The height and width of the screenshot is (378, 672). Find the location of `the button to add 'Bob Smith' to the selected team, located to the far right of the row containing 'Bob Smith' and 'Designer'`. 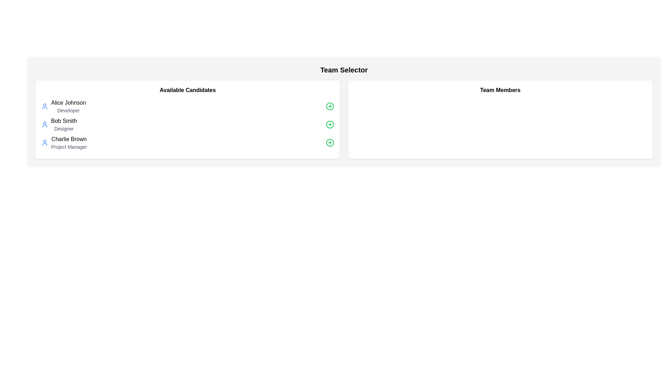

the button to add 'Bob Smith' to the selected team, located to the far right of the row containing 'Bob Smith' and 'Designer' is located at coordinates (329, 124).